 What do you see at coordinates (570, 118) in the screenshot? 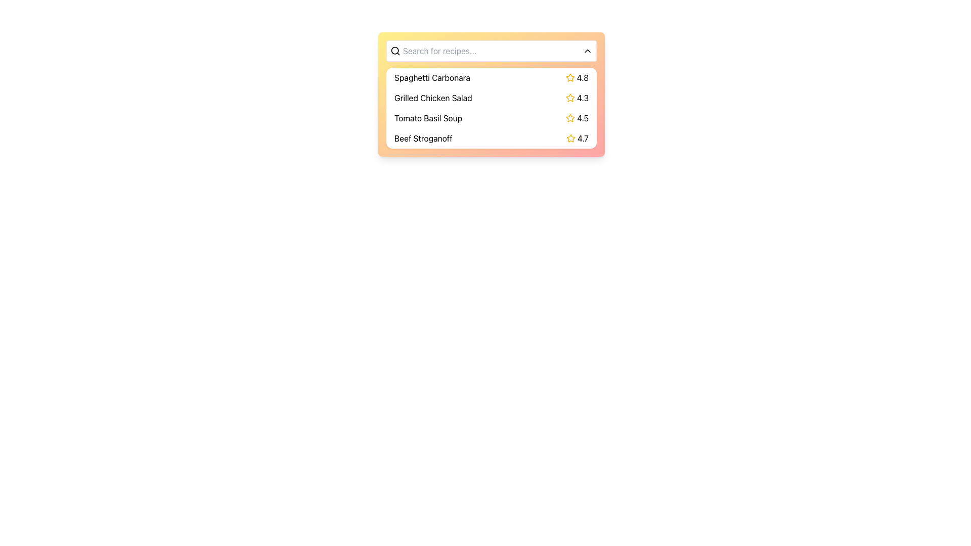
I see `the rating icon located to the right of the 'Tomato Basil Soup' text, which indicates a score of '4.5'` at bounding box center [570, 118].